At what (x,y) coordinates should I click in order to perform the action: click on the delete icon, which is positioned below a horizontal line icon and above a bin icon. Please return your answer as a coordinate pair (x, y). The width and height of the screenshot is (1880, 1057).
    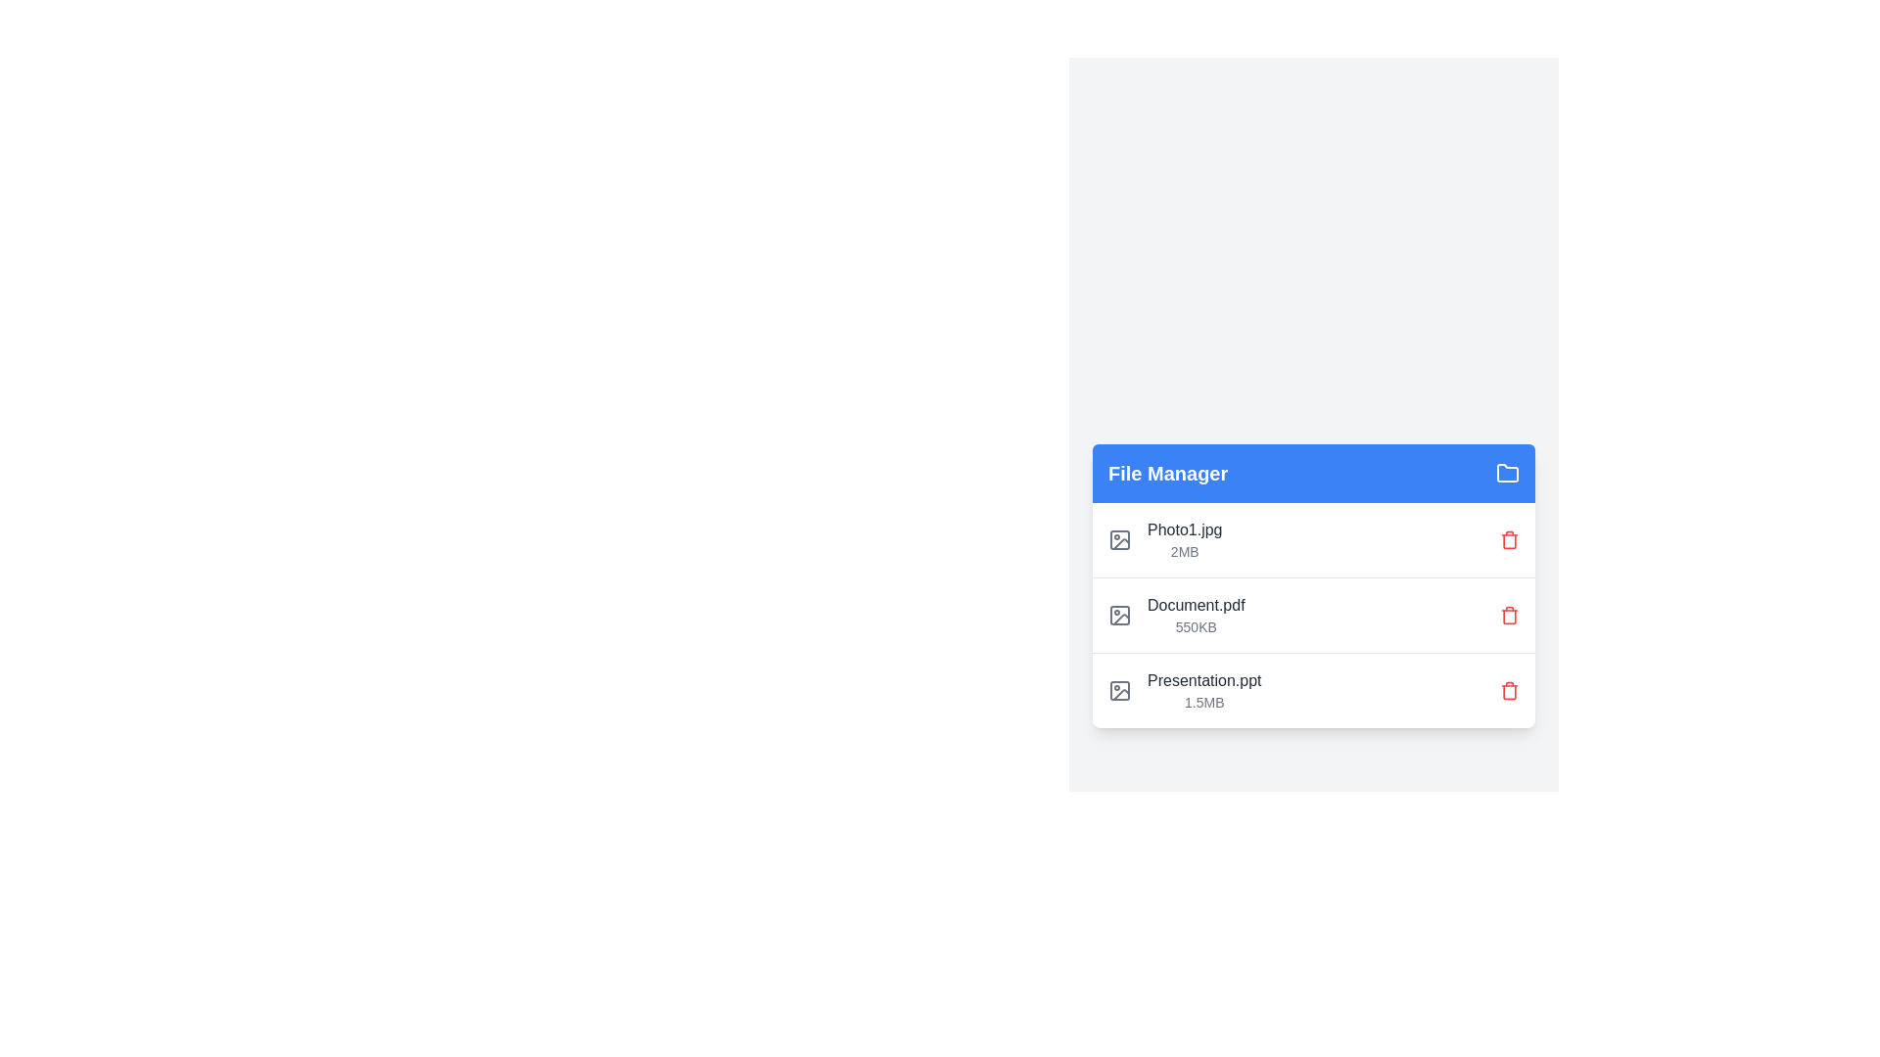
    Looking at the image, I should click on (1508, 690).